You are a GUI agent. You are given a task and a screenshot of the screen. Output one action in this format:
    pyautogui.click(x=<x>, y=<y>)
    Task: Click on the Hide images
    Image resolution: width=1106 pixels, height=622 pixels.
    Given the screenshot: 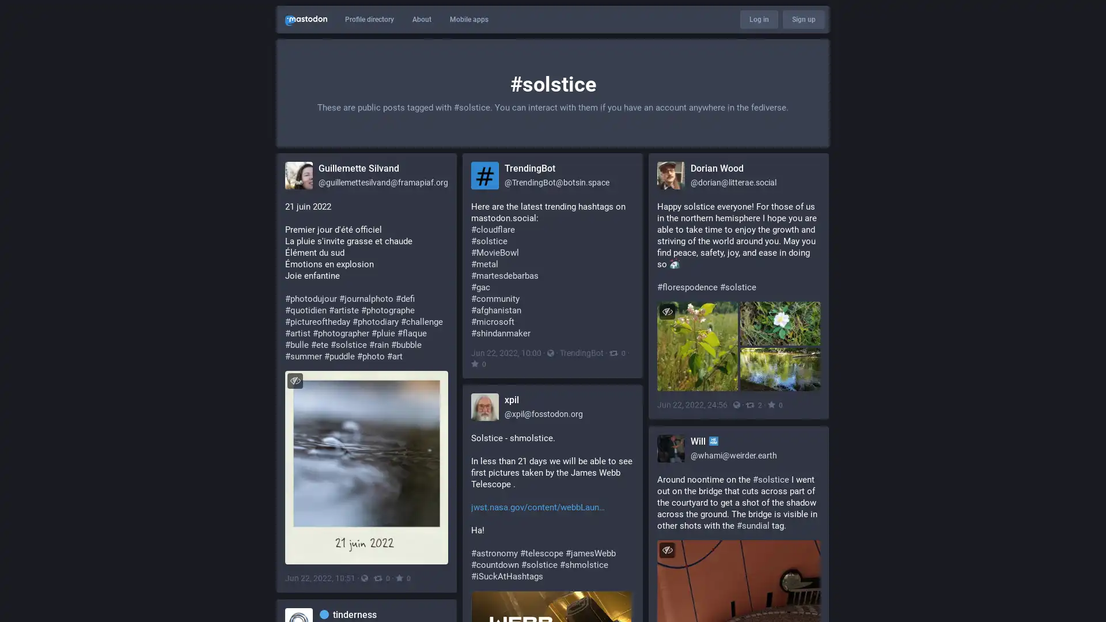 What is the action you would take?
    pyautogui.click(x=667, y=311)
    